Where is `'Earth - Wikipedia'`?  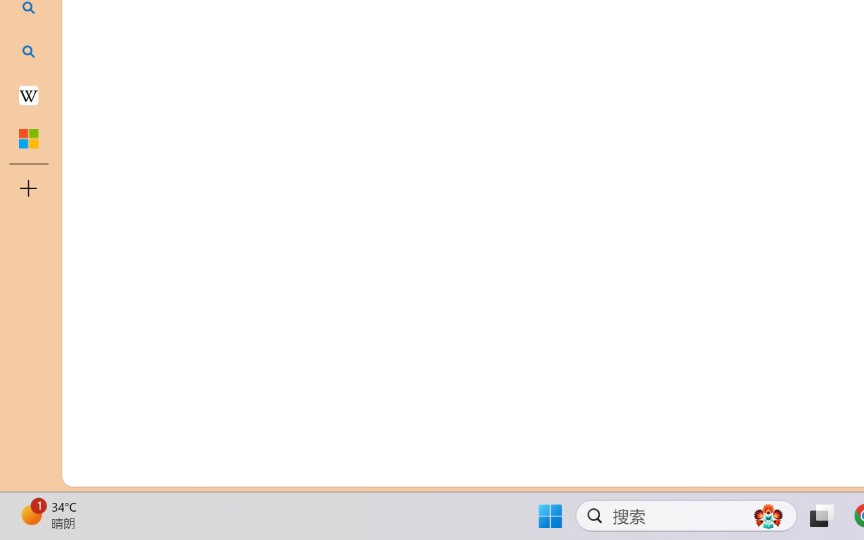 'Earth - Wikipedia' is located at coordinates (28, 94).